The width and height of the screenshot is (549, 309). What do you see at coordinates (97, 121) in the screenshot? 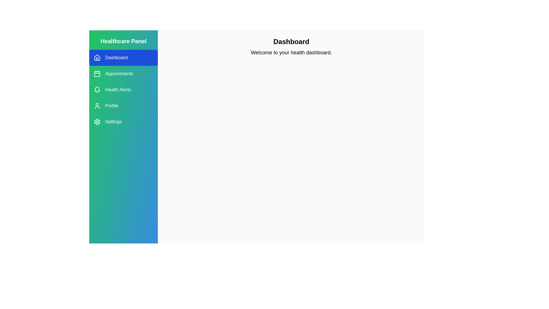
I see `the gear-shaped settings icon located in the vertical navigation menu on the left side of the interface` at bounding box center [97, 121].